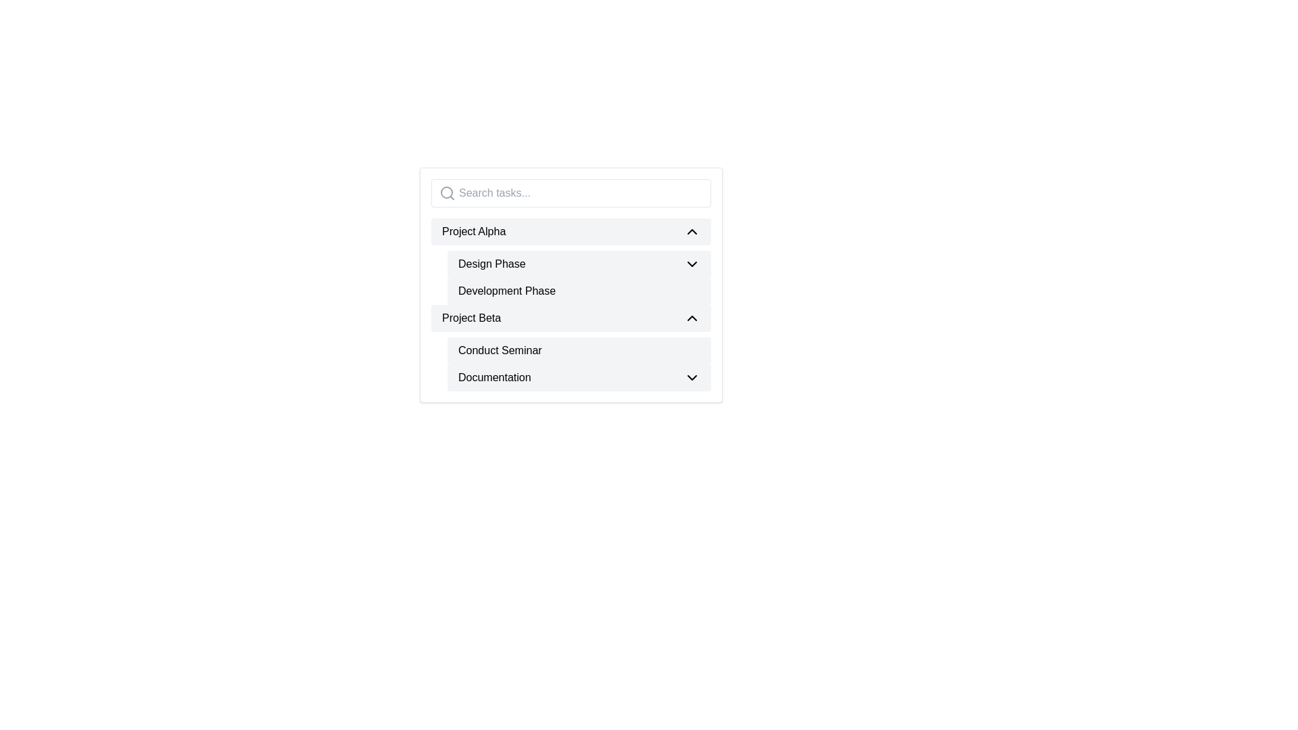 The height and width of the screenshot is (730, 1298). Describe the element at coordinates (471, 318) in the screenshot. I see `the left-aligned text 'Project Beta' within the light gray horizontal bar, which is the third visible item in the dropdown menu` at that location.